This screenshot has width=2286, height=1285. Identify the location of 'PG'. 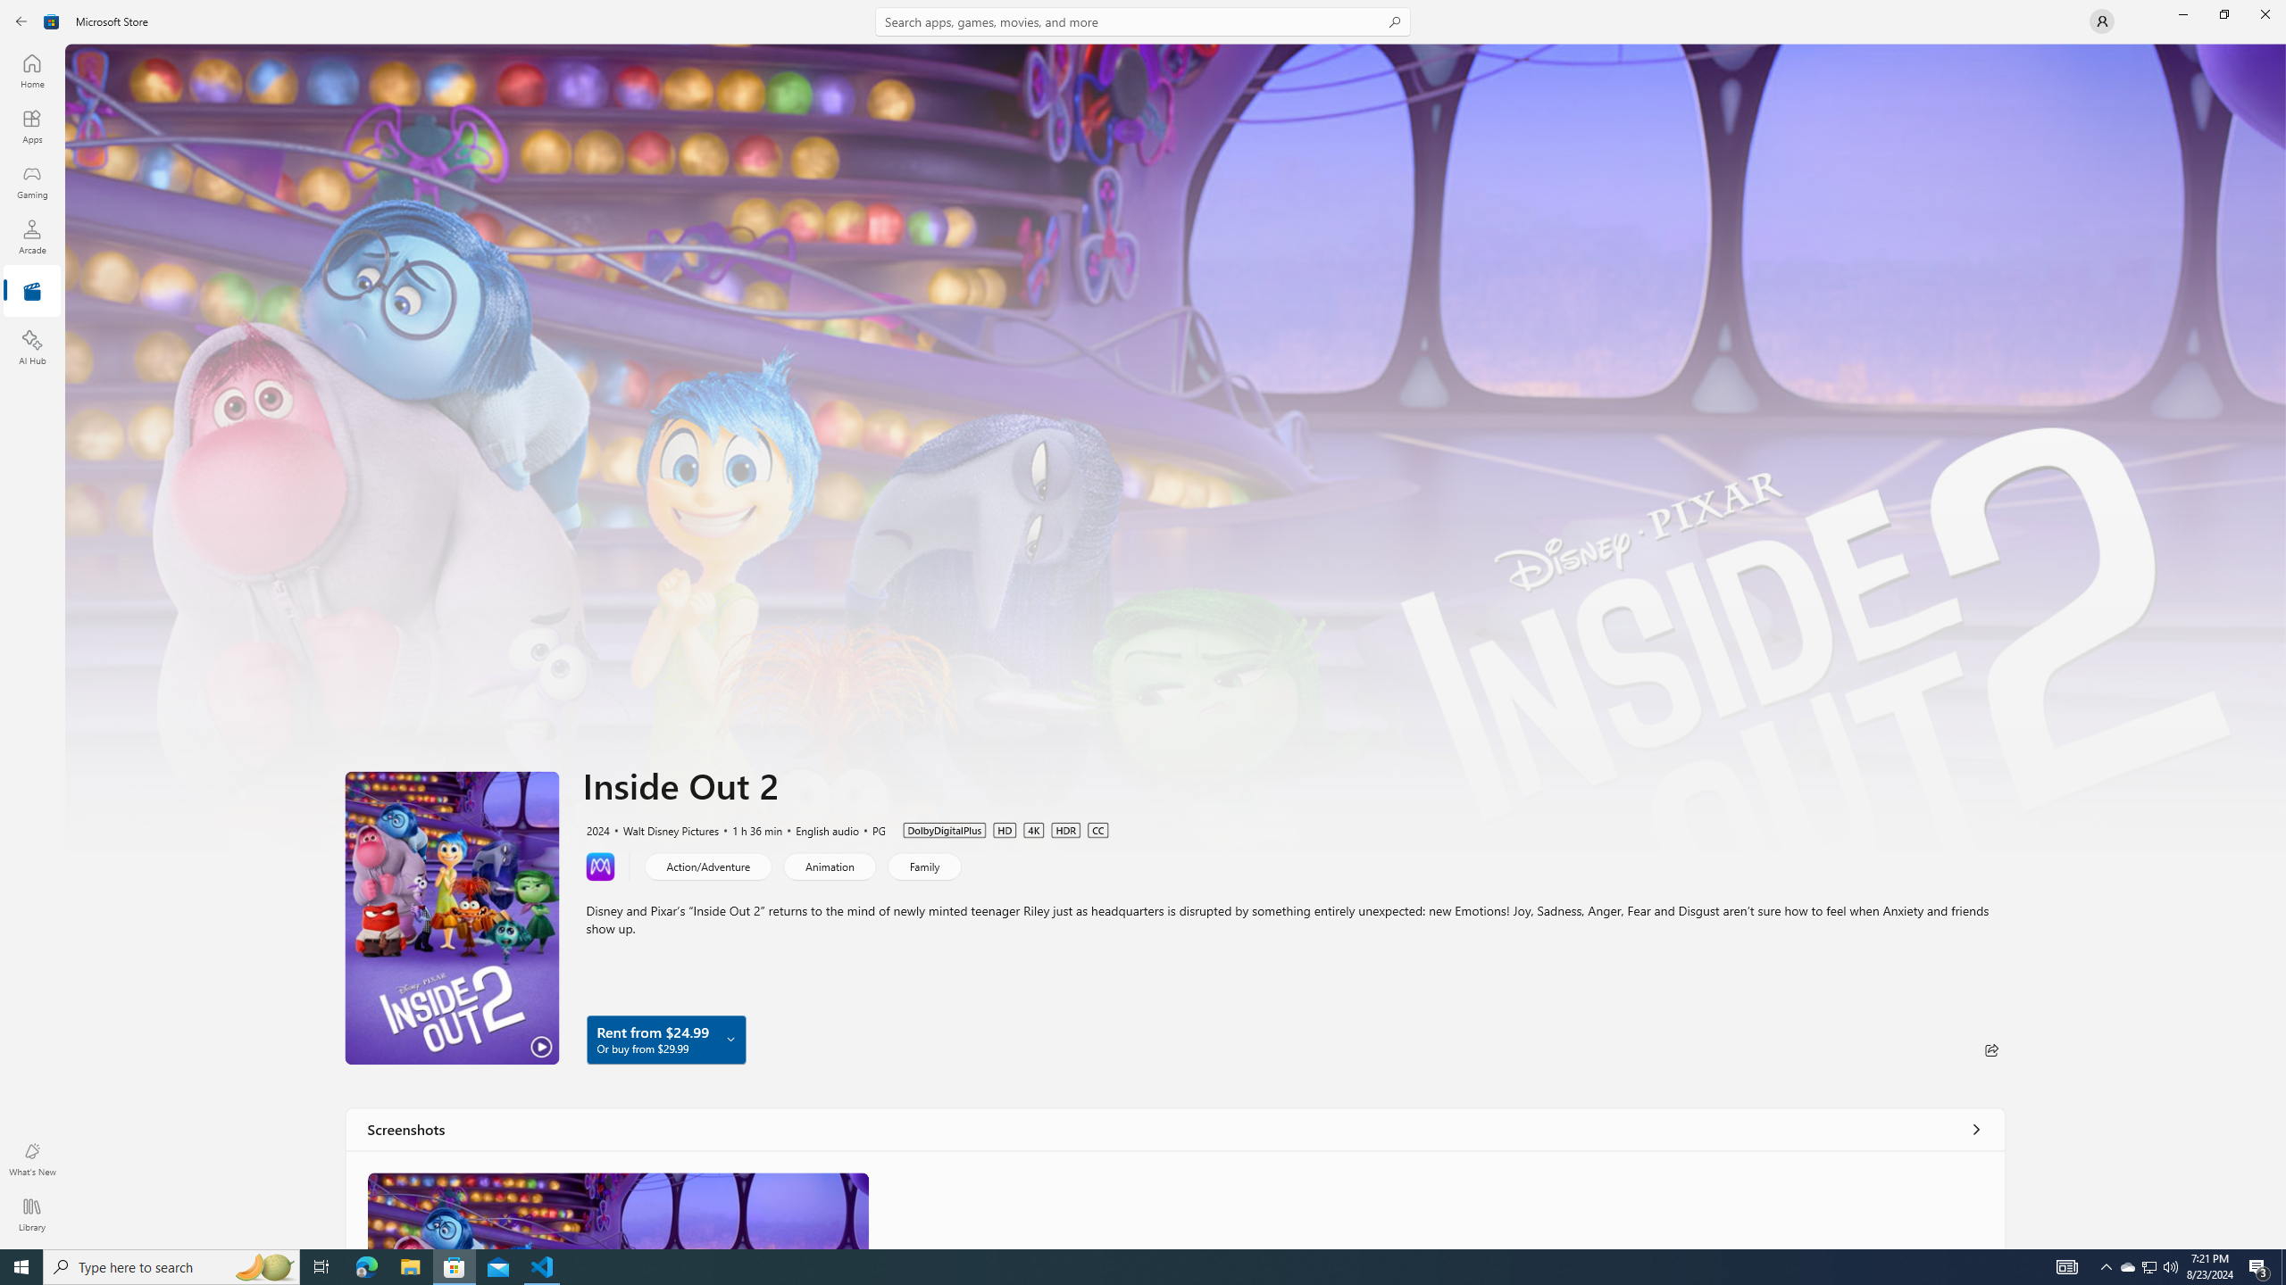
(870, 828).